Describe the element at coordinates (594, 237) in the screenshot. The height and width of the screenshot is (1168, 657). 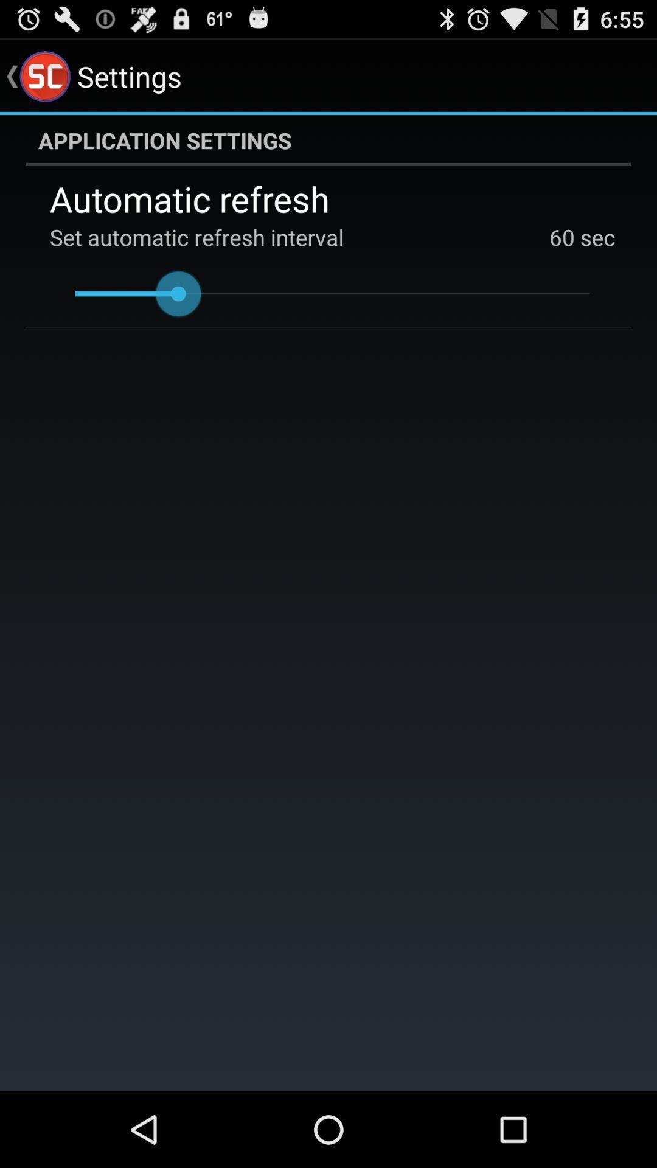
I see `app to the right of 60 app` at that location.